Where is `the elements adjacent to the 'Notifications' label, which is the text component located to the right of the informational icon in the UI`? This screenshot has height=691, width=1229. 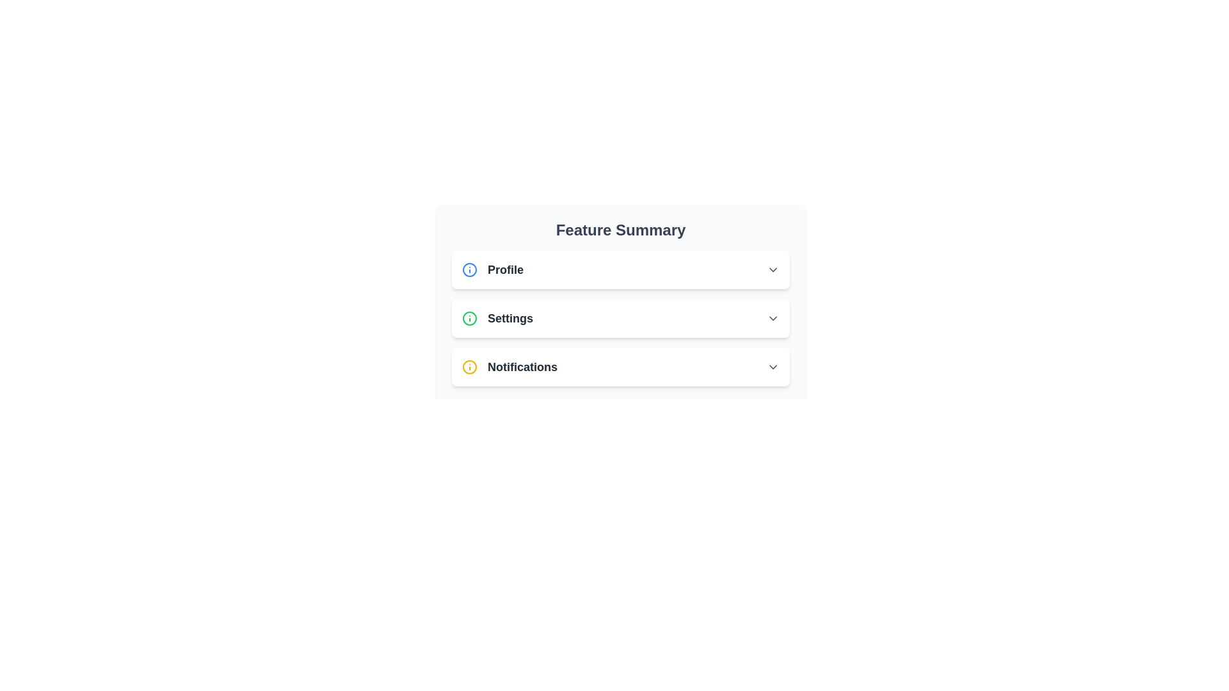
the elements adjacent to the 'Notifications' label, which is the text component located to the right of the informational icon in the UI is located at coordinates (522, 367).